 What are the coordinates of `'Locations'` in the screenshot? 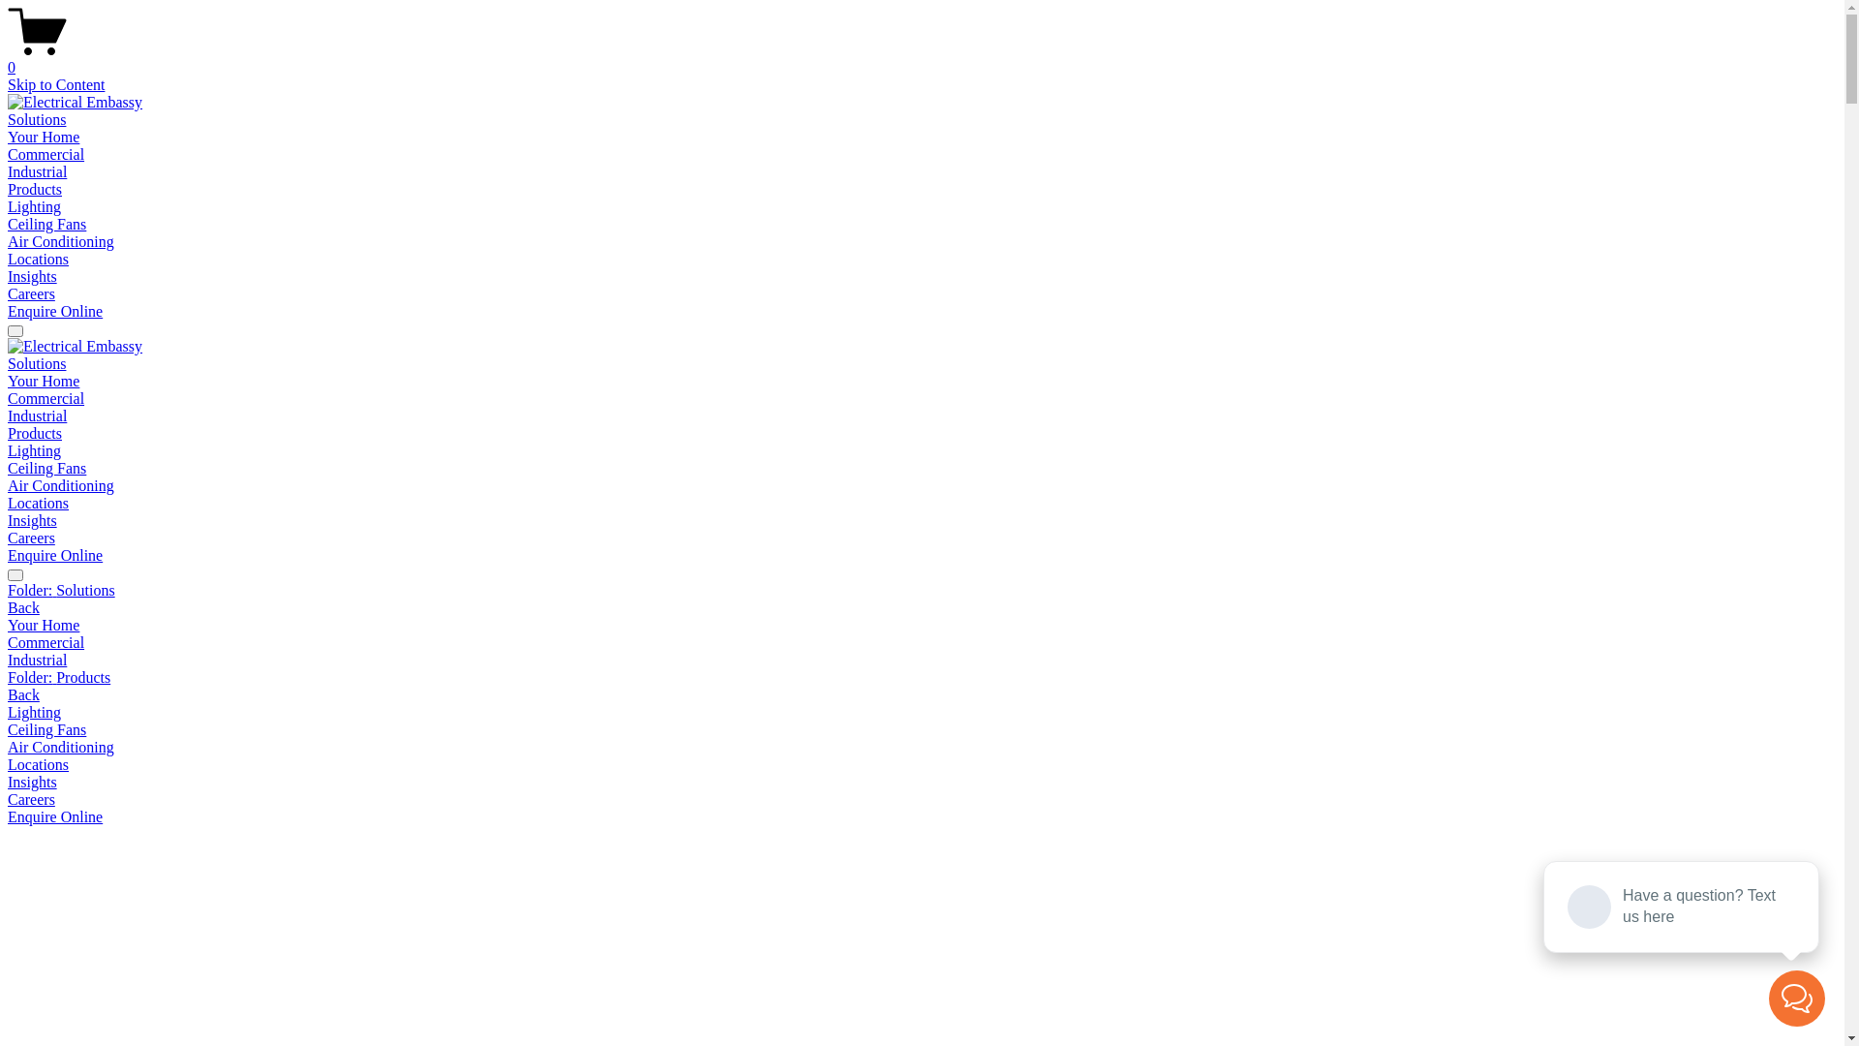 It's located at (38, 258).